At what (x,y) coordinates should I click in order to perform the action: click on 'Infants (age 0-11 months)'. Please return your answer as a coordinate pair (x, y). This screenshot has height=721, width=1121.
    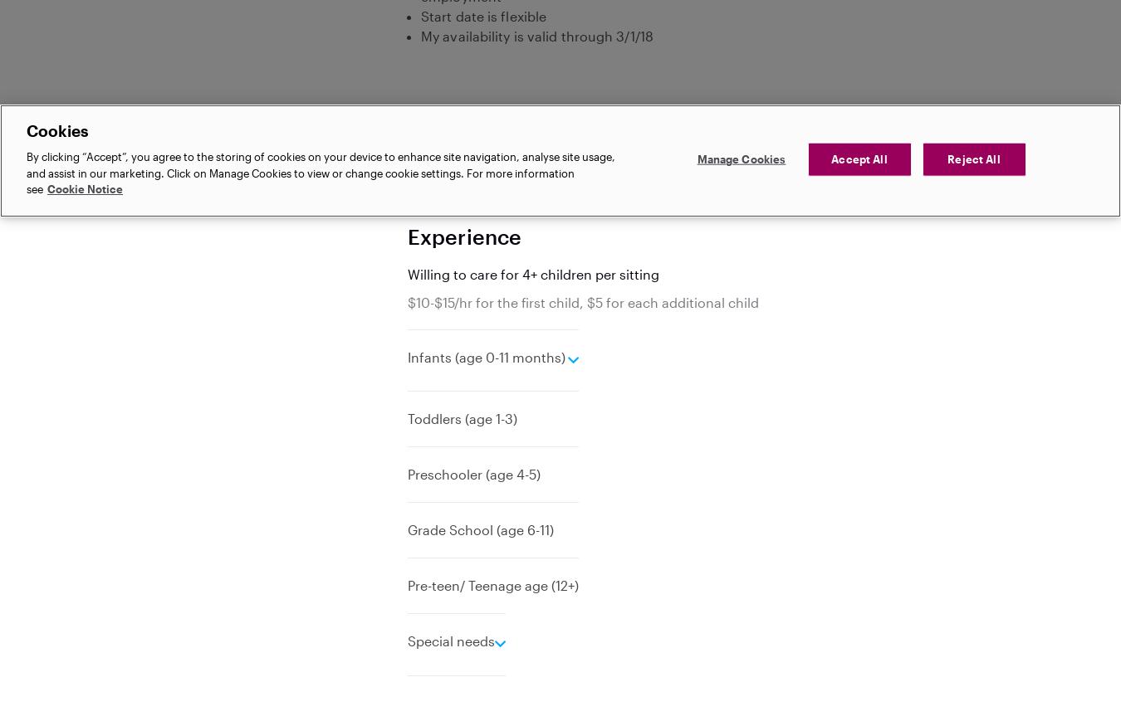
    Looking at the image, I should click on (487, 355).